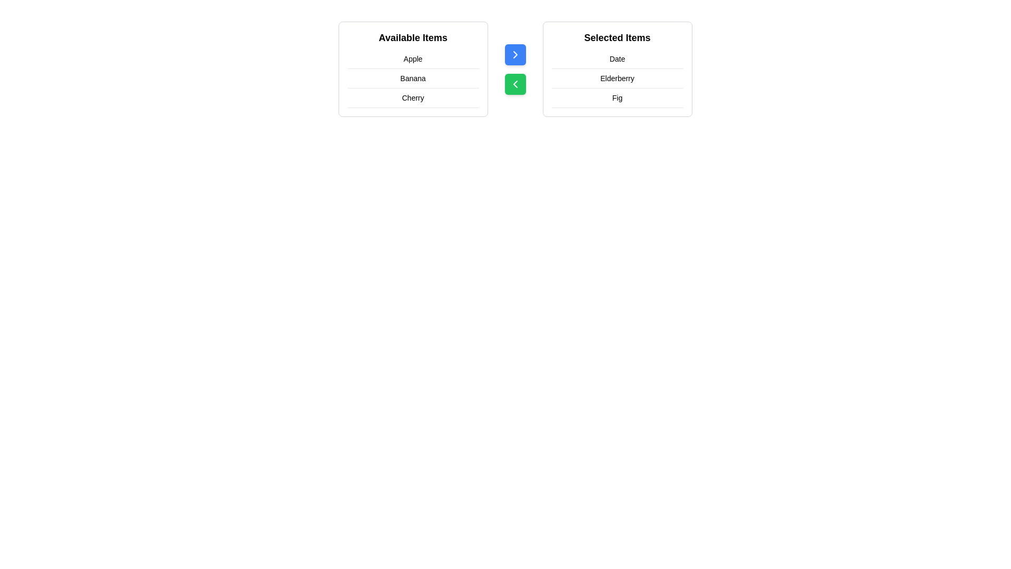 The width and height of the screenshot is (1011, 569). I want to click on the text label displaying 'Fig' in a small, bold font, which is the third item in the 'Selected Items' panel, located on the right side of the interface, so click(617, 98).